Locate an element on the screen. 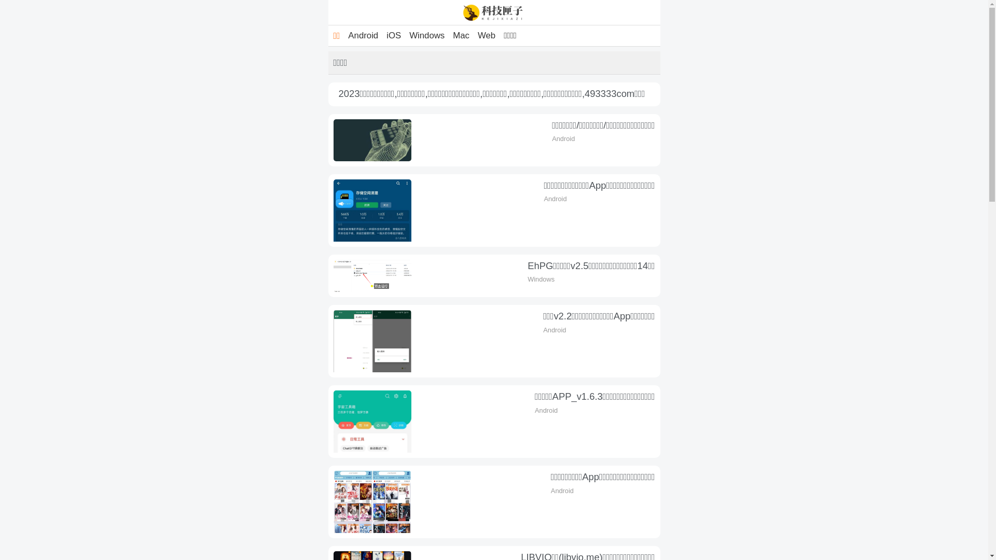  'iOS' is located at coordinates (393, 35).